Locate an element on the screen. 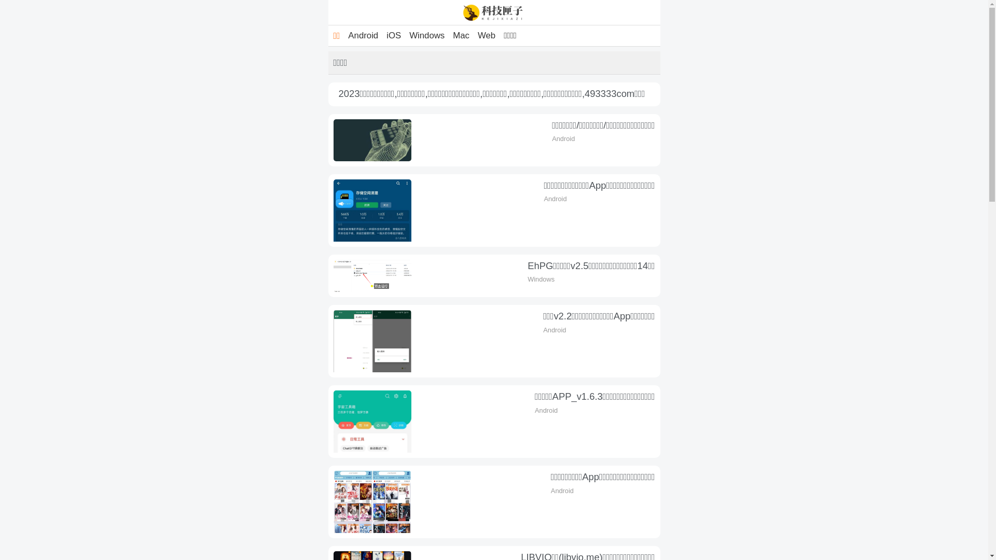  'iOS' is located at coordinates (393, 35).